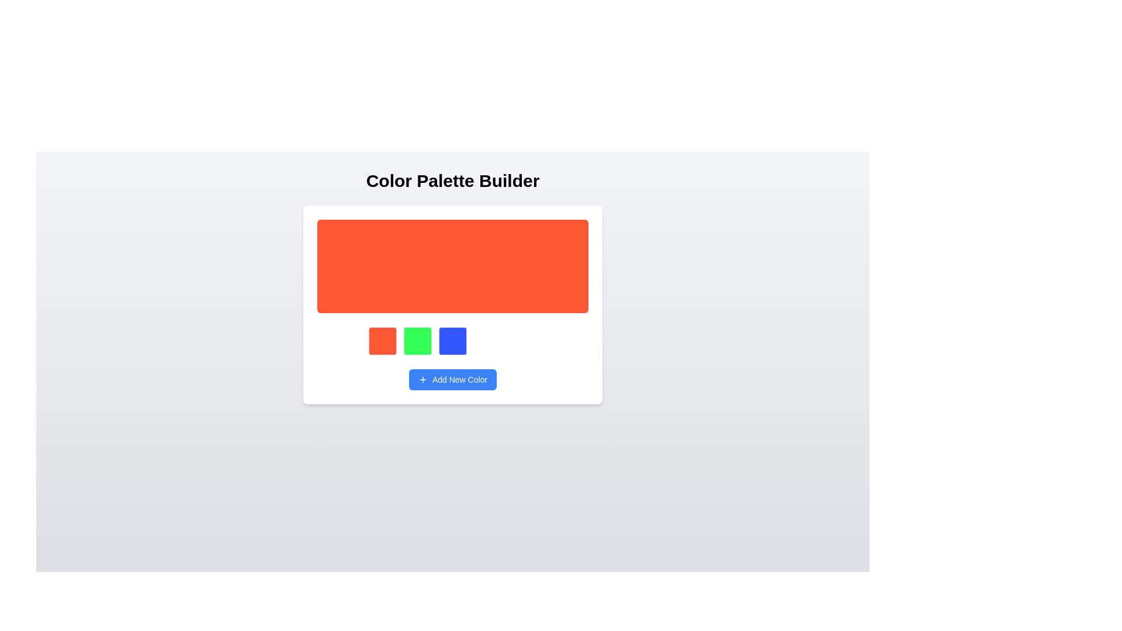 This screenshot has width=1122, height=631. What do you see at coordinates (422, 380) in the screenshot?
I see `the plus icon within the 'Add New Color' button` at bounding box center [422, 380].